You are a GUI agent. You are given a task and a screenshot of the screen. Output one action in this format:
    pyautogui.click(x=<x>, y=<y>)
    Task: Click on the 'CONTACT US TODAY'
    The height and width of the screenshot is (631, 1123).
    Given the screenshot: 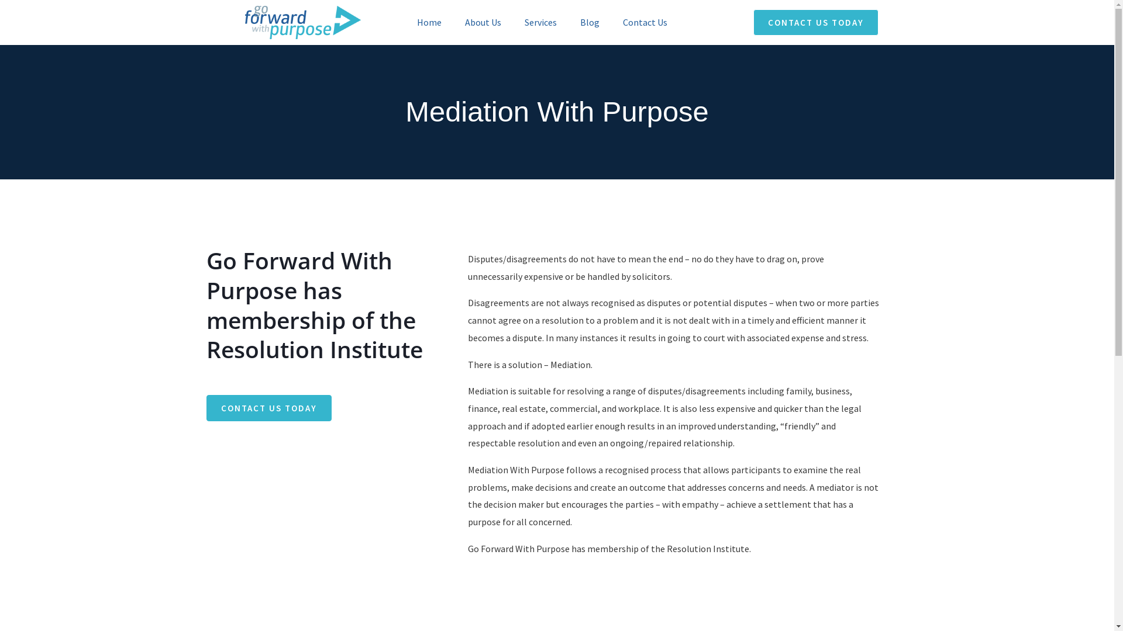 What is the action you would take?
    pyautogui.click(x=268, y=407)
    